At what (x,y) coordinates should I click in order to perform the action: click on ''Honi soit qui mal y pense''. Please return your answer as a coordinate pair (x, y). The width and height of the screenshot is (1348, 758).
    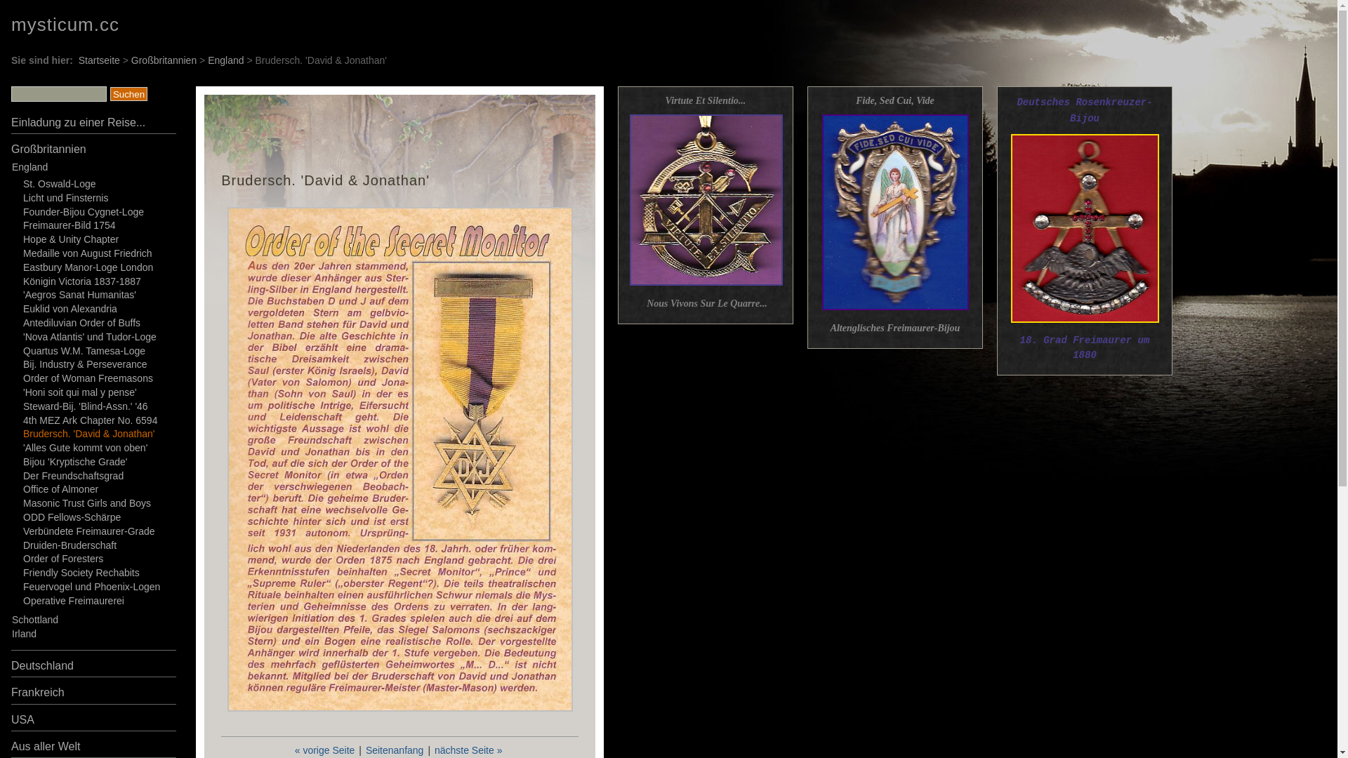
    Looking at the image, I should click on (79, 392).